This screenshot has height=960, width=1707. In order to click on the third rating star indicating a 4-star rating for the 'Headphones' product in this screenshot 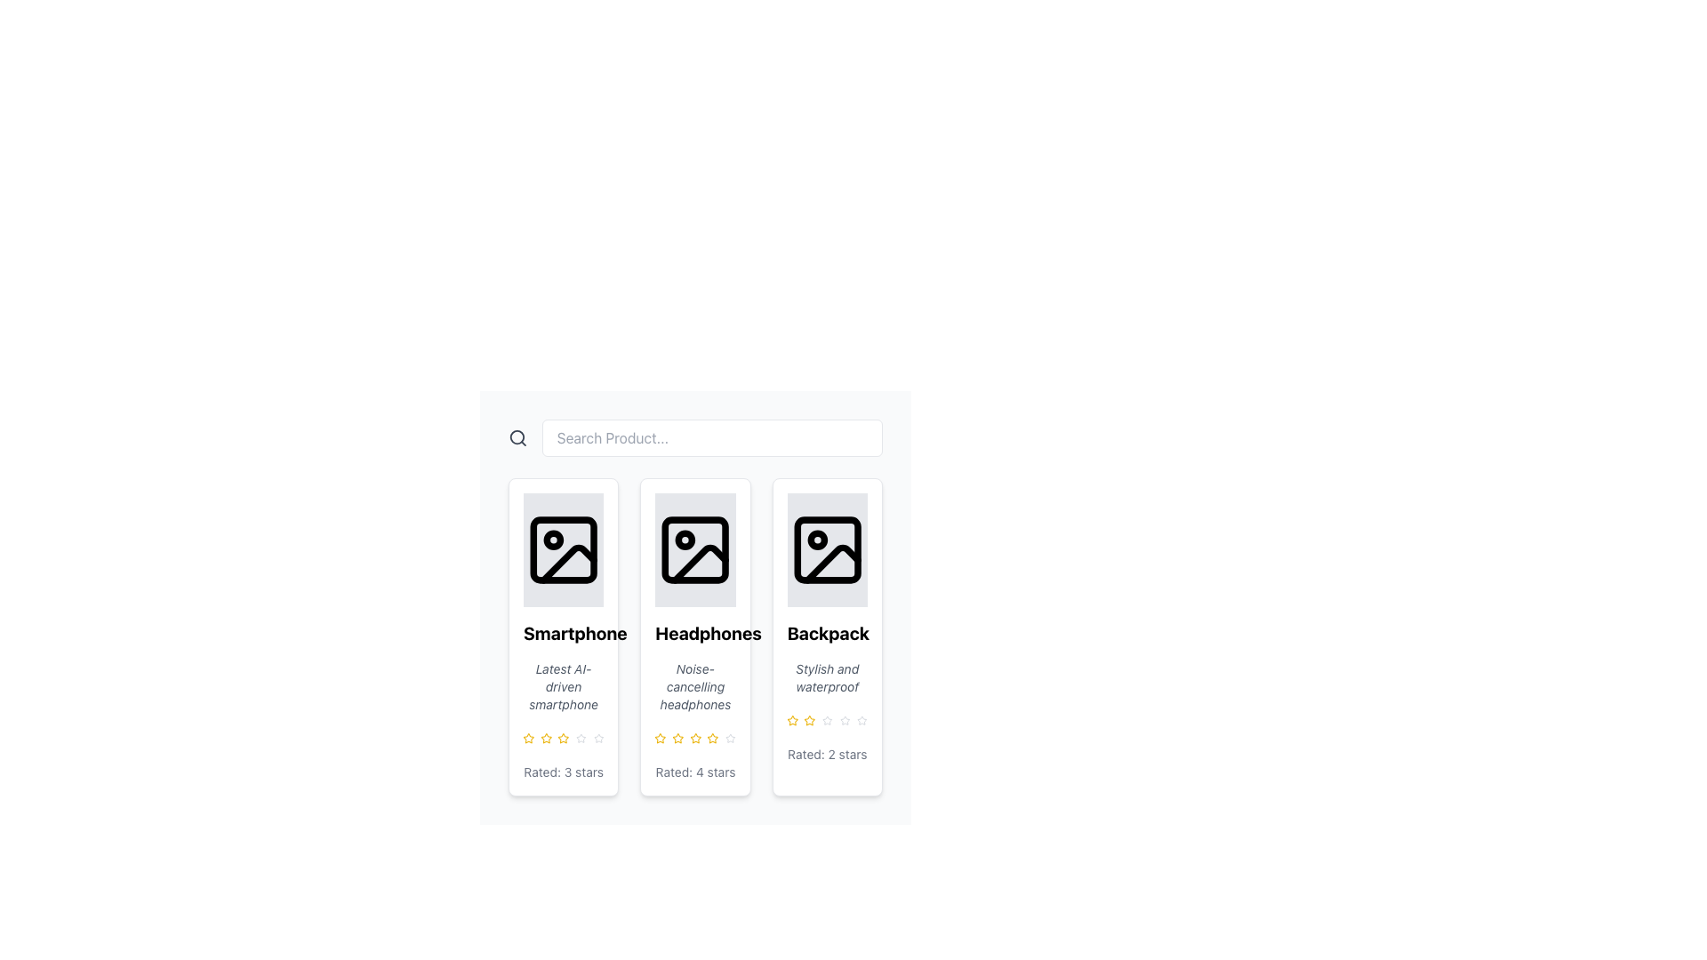, I will do `click(677, 738)`.